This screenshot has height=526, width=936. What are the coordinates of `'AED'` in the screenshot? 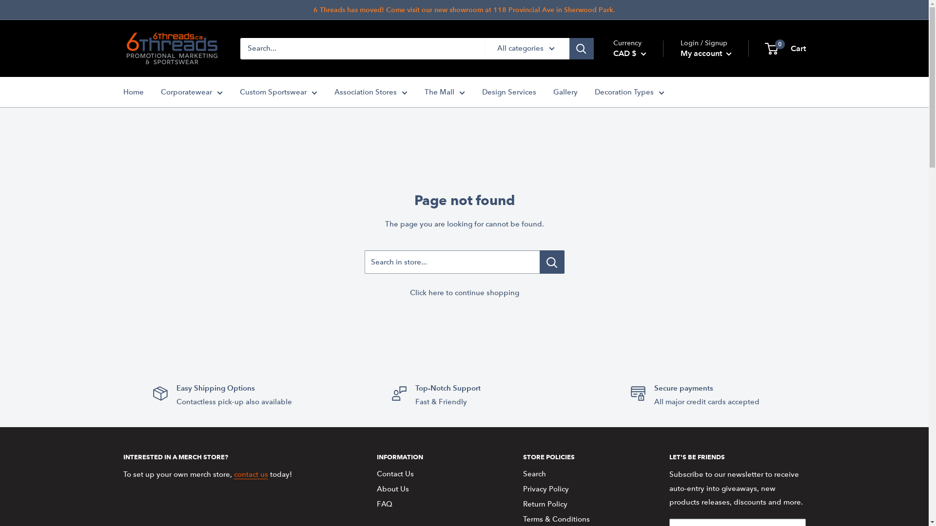 It's located at (644, 161).